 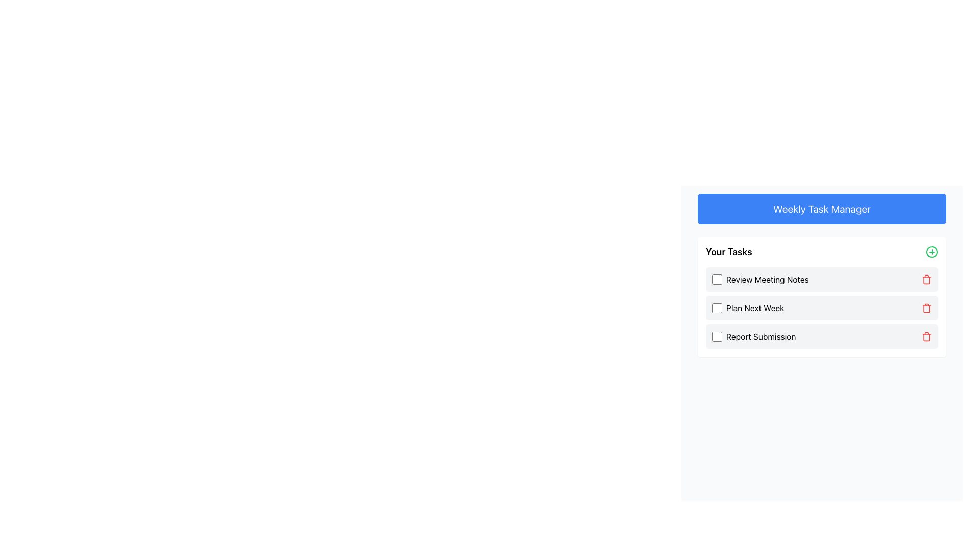 What do you see at coordinates (932, 252) in the screenshot?
I see `the green circular 'Add' button located at the top right corner of the 'Your Tasks' panel` at bounding box center [932, 252].